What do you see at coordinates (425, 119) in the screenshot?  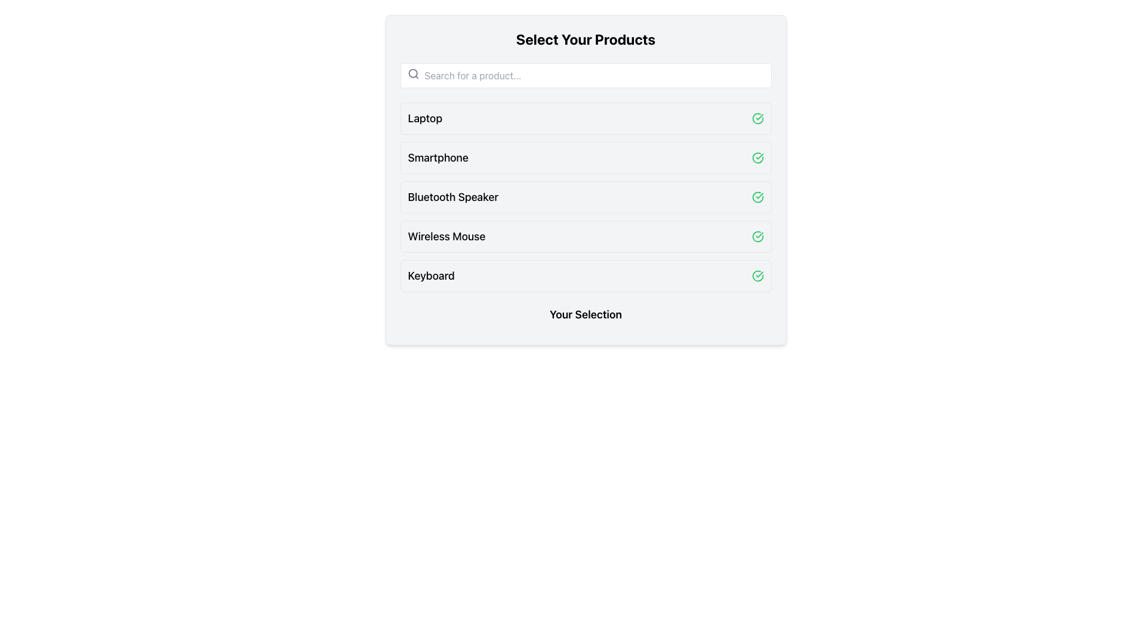 I see `the text label indicating the category 'Laptop' located in the topmost card of the vertical list` at bounding box center [425, 119].